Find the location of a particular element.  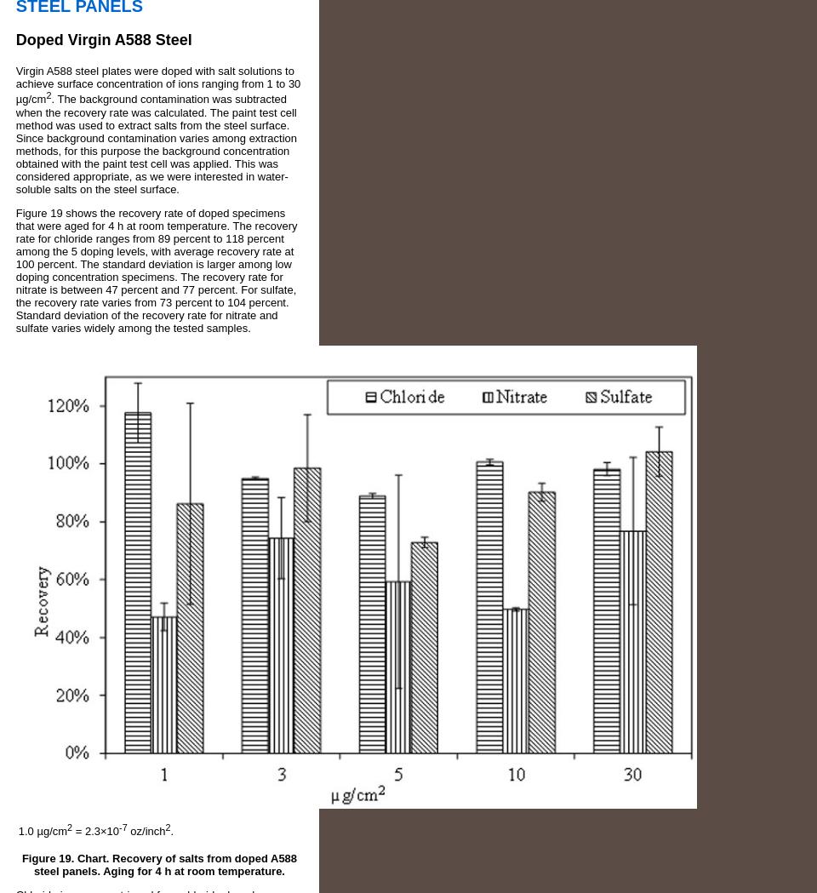

'-7' is located at coordinates (117, 827).